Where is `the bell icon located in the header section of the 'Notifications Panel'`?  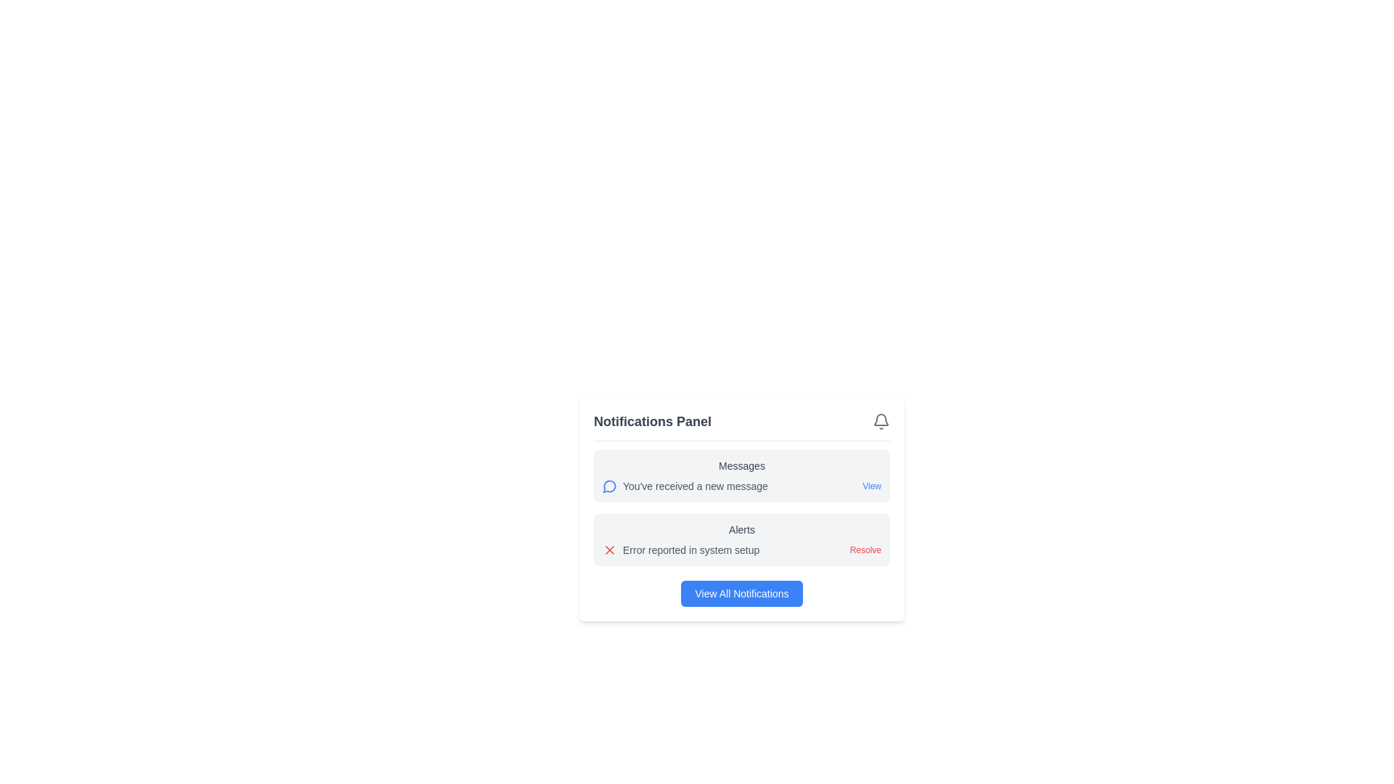 the bell icon located in the header section of the 'Notifications Panel' is located at coordinates (881, 422).